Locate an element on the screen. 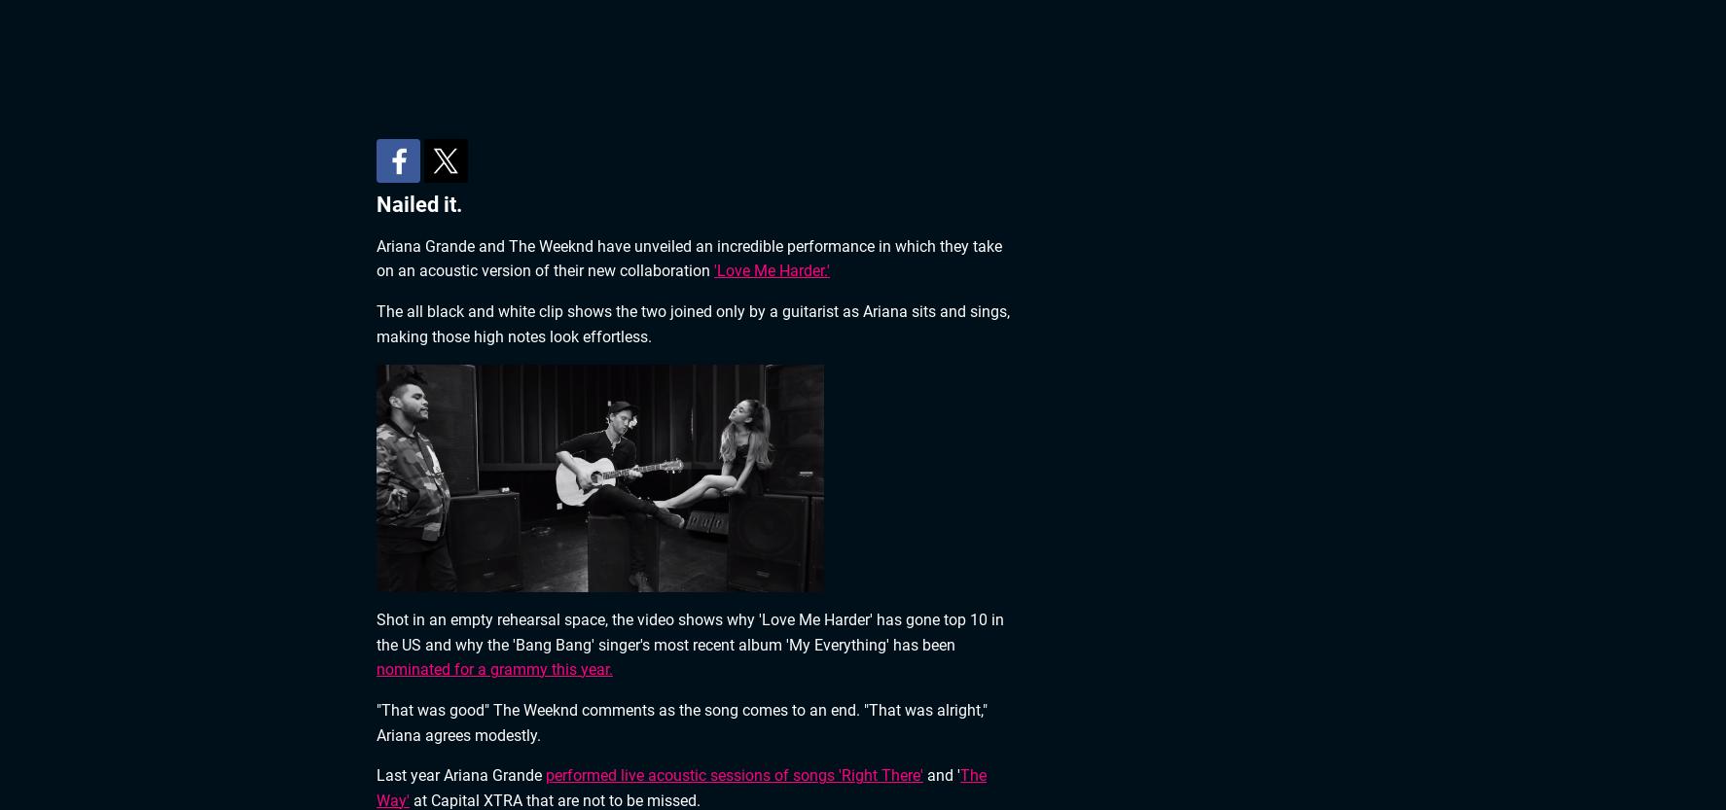  ''Love Me Harder.'' is located at coordinates (771, 270).